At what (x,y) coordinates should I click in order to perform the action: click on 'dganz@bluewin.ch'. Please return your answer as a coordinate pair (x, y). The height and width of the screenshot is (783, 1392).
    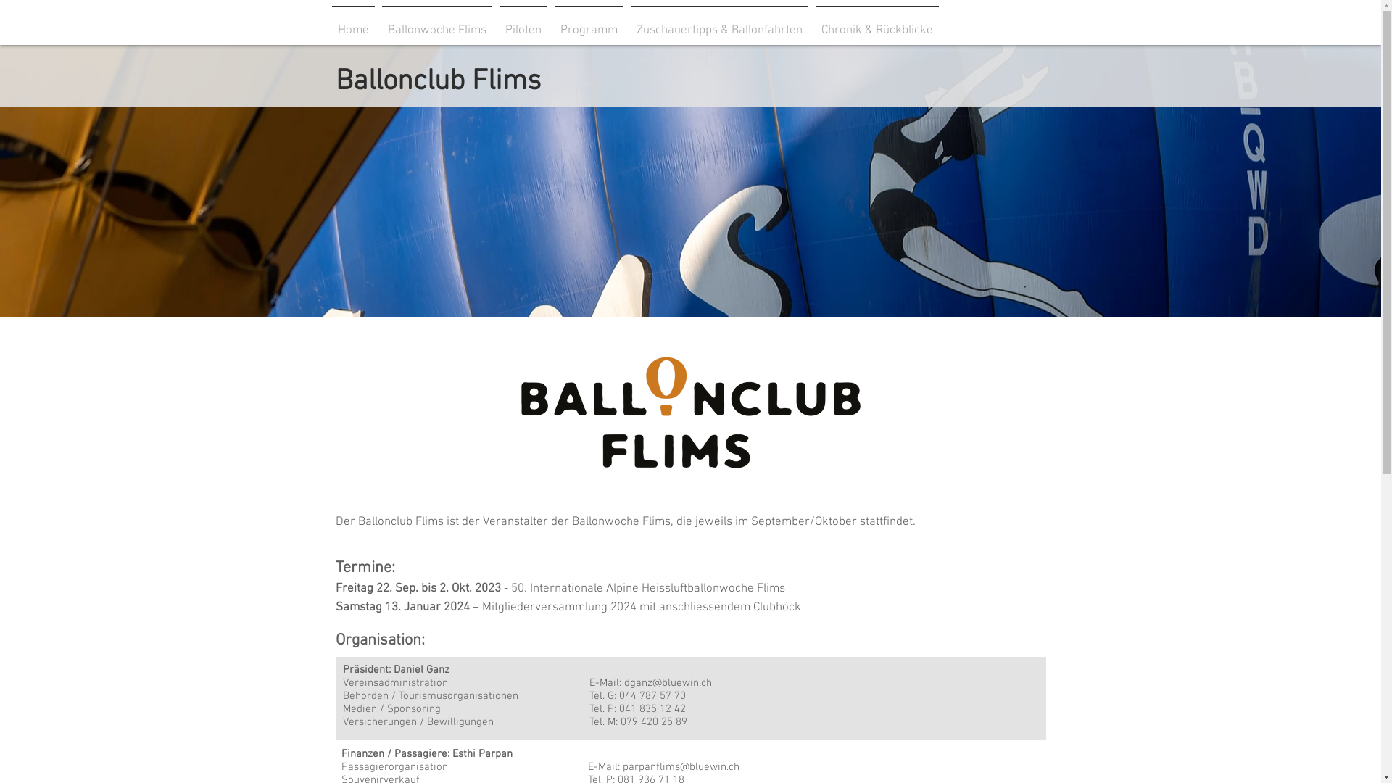
    Looking at the image, I should click on (623, 682).